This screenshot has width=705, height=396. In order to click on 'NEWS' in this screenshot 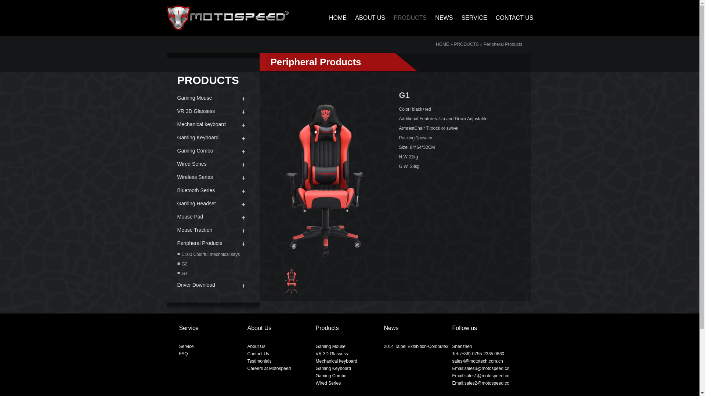, I will do `click(440, 17)`.